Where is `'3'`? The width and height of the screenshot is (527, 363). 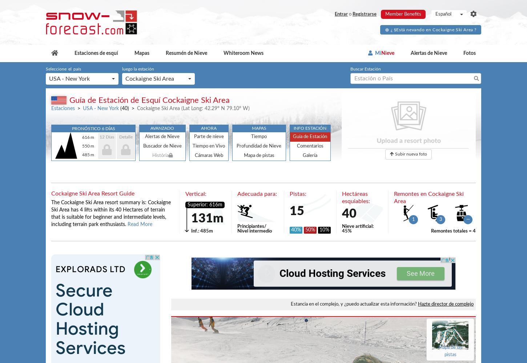
'3' is located at coordinates (440, 219).